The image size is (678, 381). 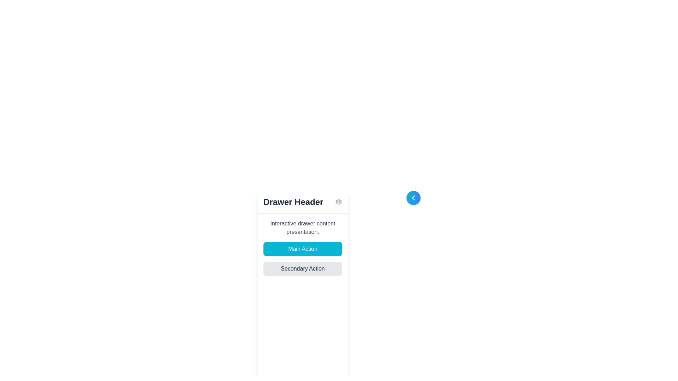 What do you see at coordinates (413, 198) in the screenshot?
I see `the left-pointing chevron icon inside the circular button with a blue gradient background` at bounding box center [413, 198].